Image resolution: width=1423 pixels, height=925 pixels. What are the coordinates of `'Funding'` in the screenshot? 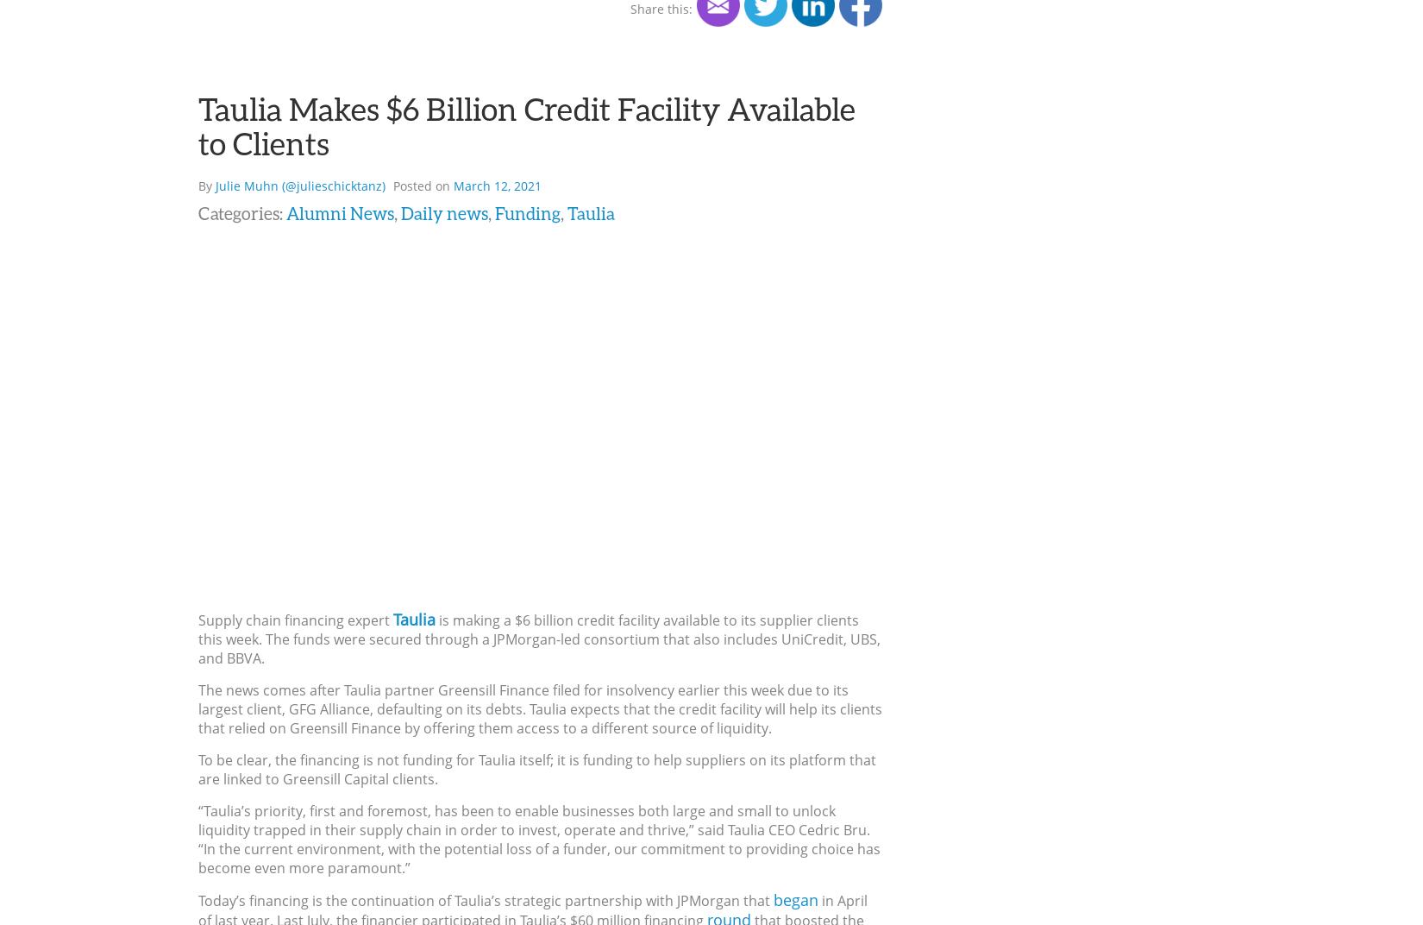 It's located at (526, 212).